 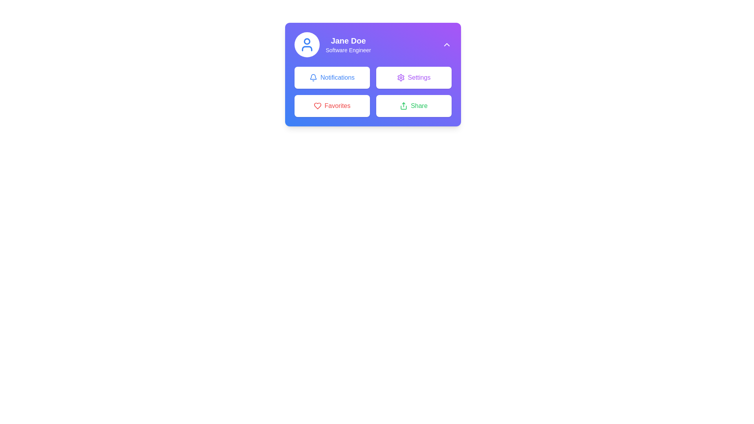 What do you see at coordinates (332, 77) in the screenshot?
I see `the notifications button located in the first row and first column of the grid layout, which has a gradient purple background` at bounding box center [332, 77].